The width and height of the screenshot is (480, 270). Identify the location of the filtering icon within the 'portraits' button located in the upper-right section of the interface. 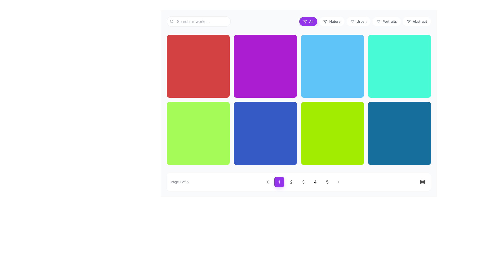
(378, 21).